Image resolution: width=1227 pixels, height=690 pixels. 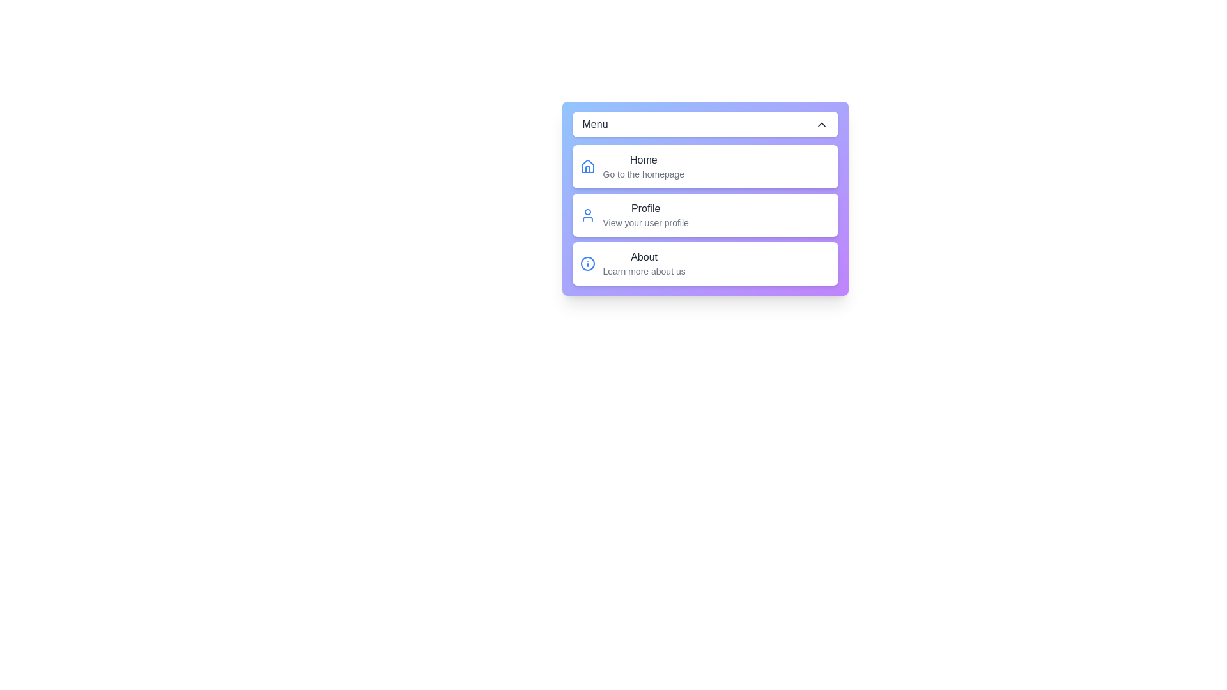 I want to click on the menu item Home to observe the hover effect, so click(x=704, y=166).